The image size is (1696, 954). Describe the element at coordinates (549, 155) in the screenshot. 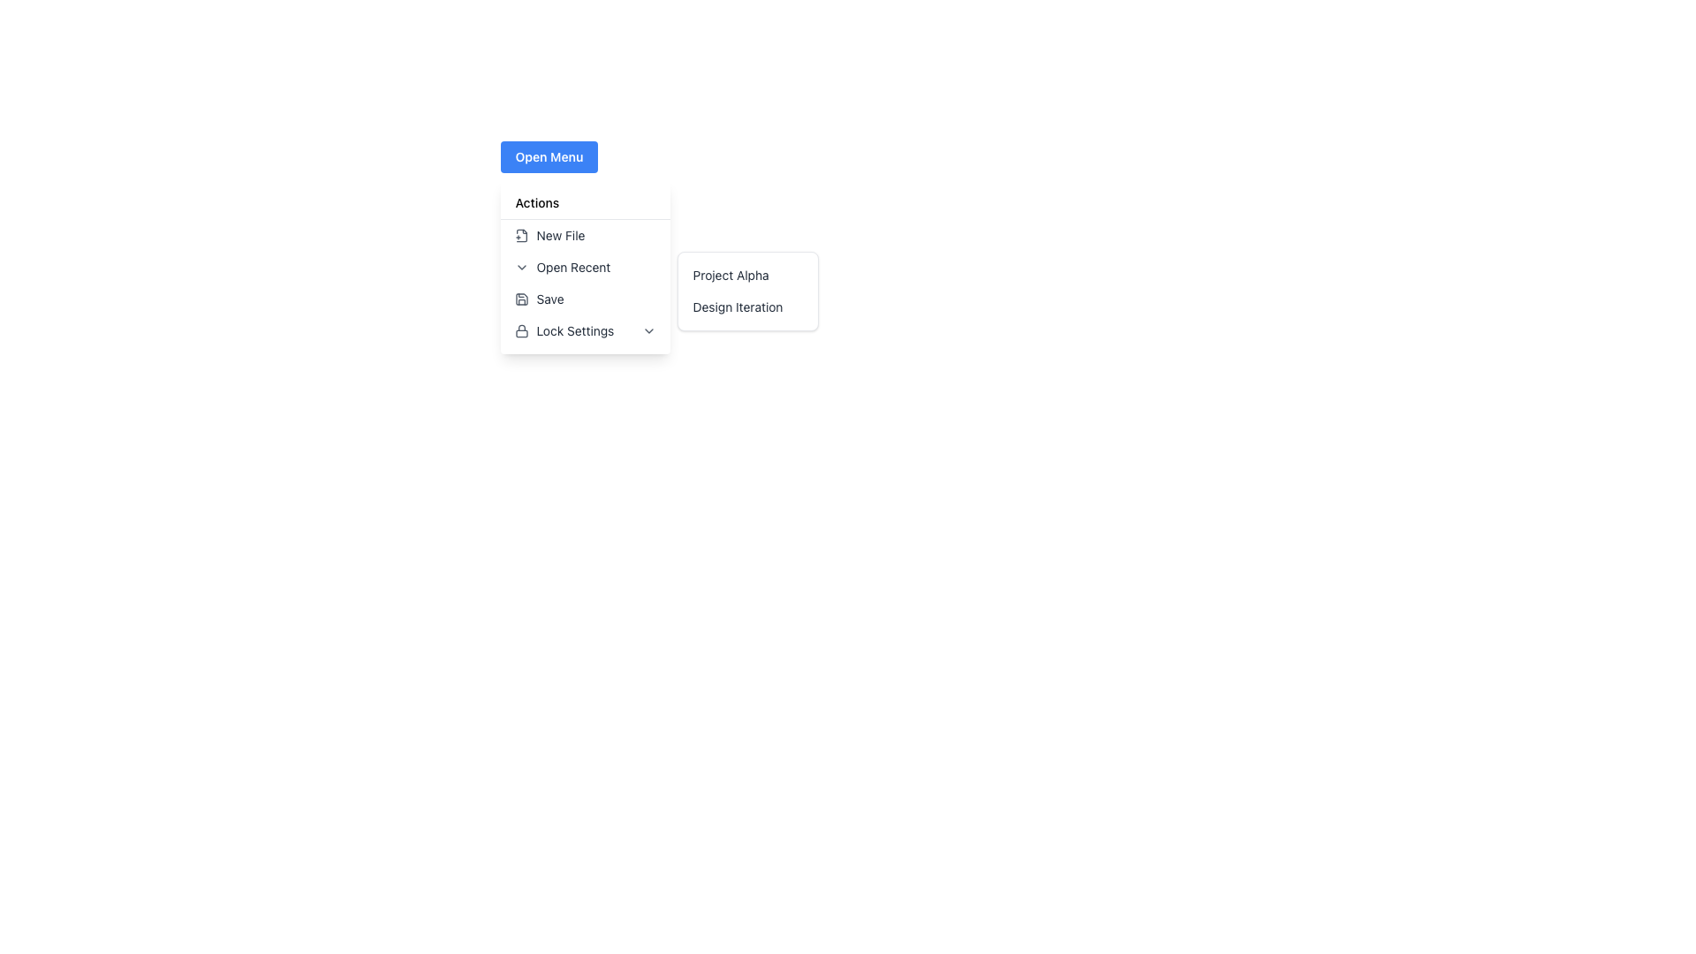

I see `the trigger button located at the top-center of the dropdown menu layout` at that location.